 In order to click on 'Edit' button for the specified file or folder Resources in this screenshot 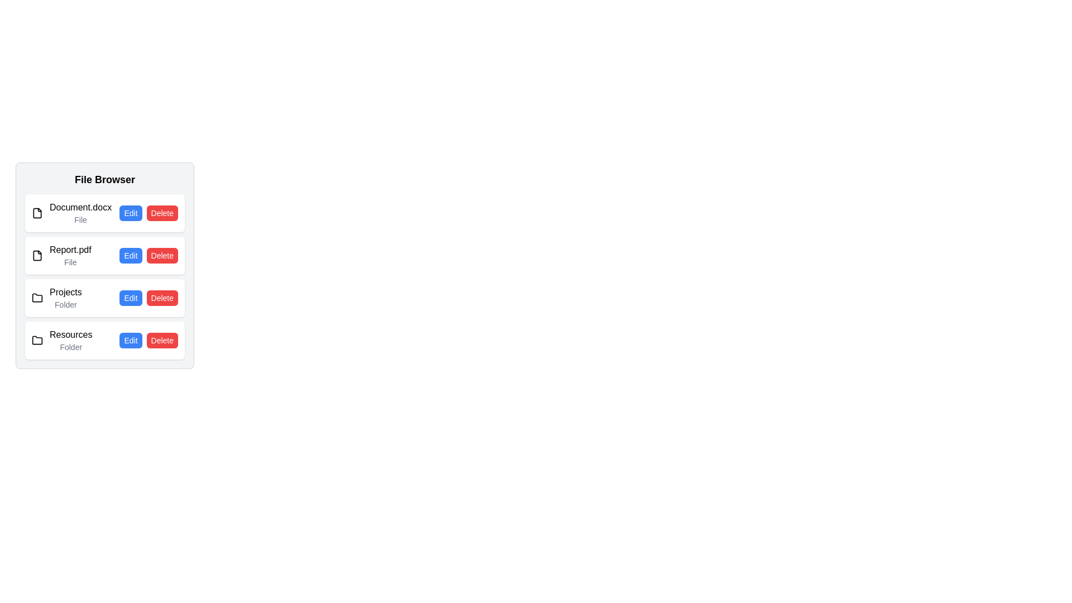, I will do `click(131, 339)`.